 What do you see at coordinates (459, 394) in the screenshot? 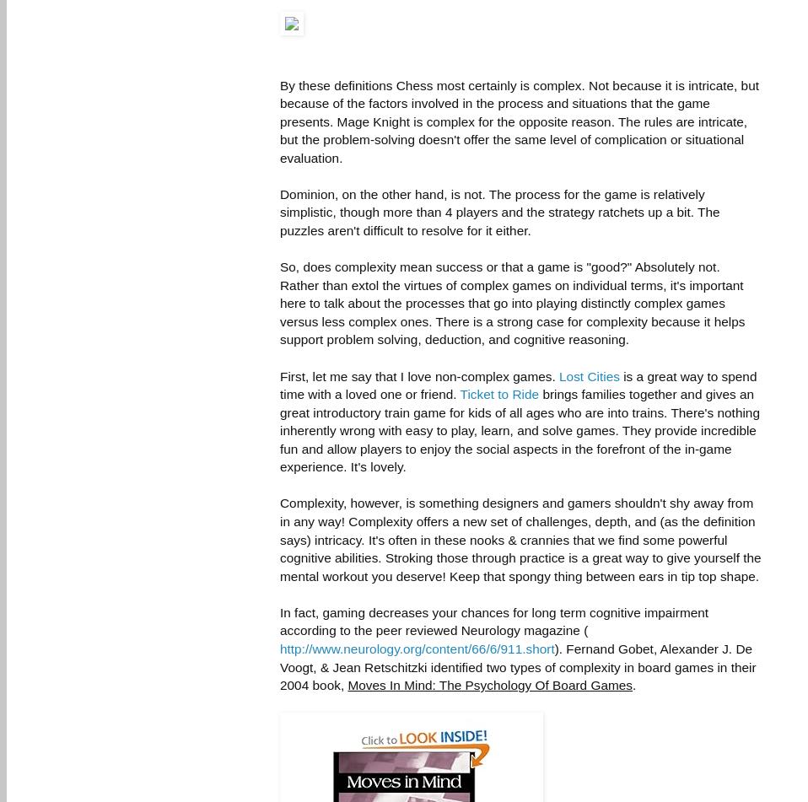
I see `'Ticket to Ride'` at bounding box center [459, 394].